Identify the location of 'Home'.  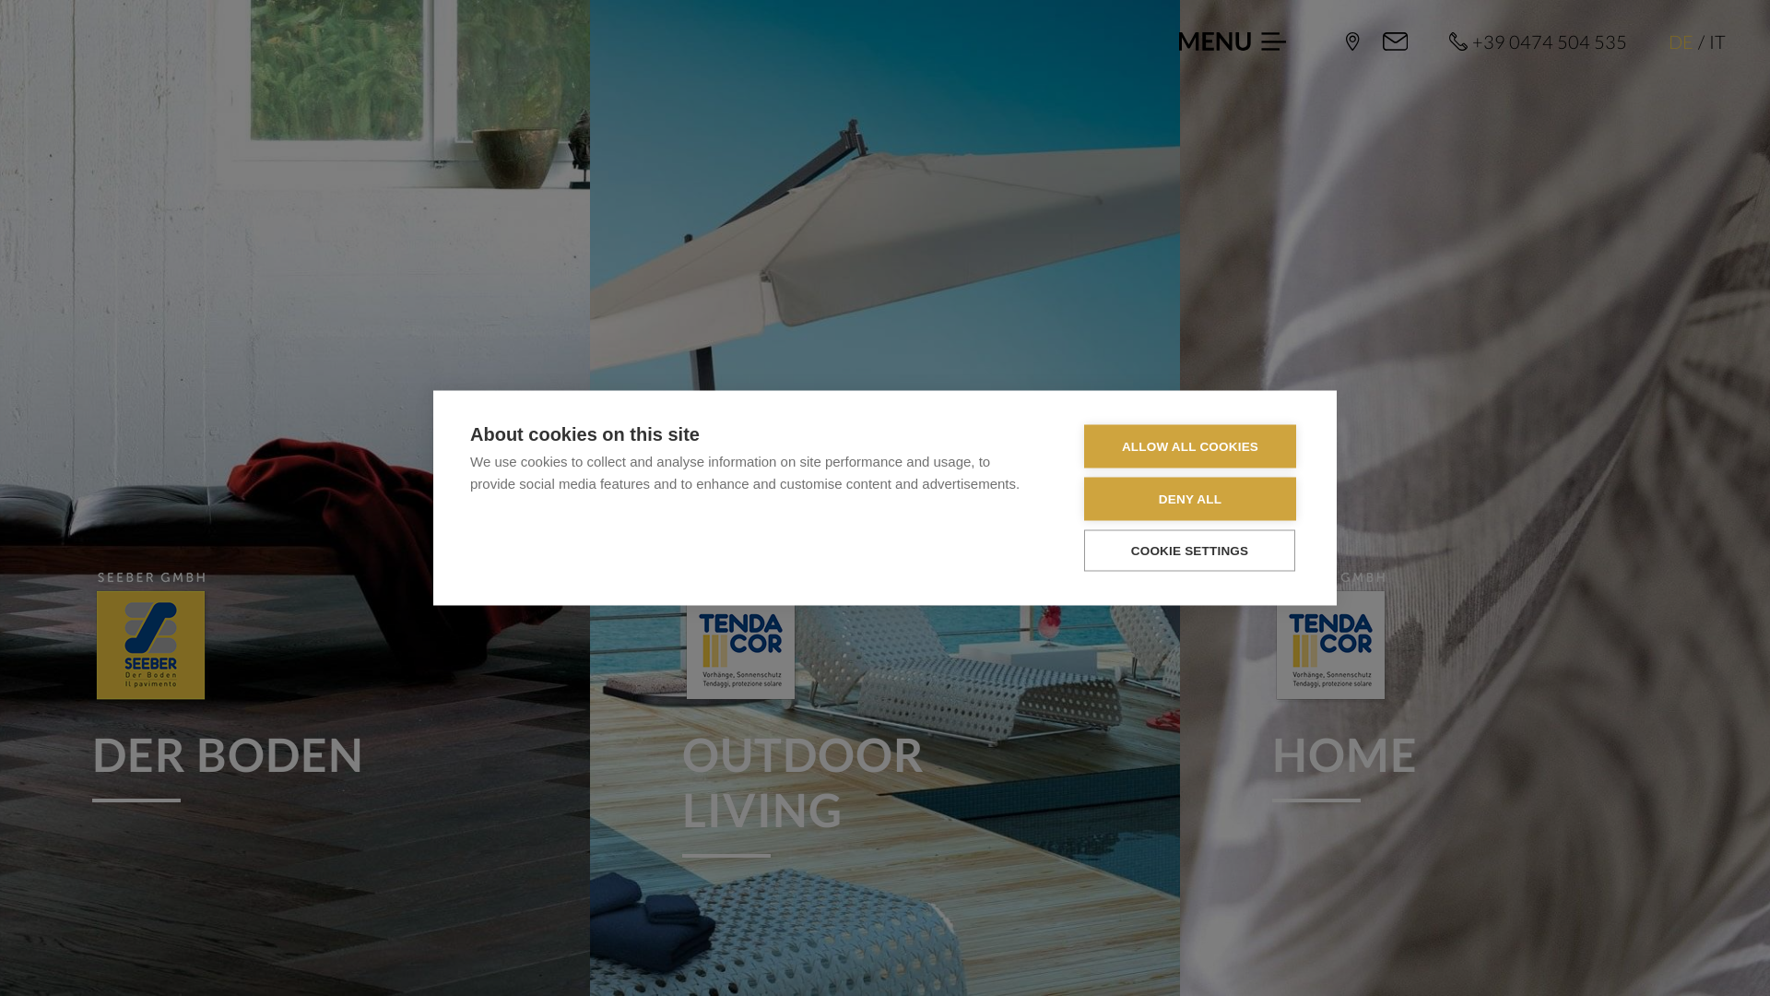
(1331, 638).